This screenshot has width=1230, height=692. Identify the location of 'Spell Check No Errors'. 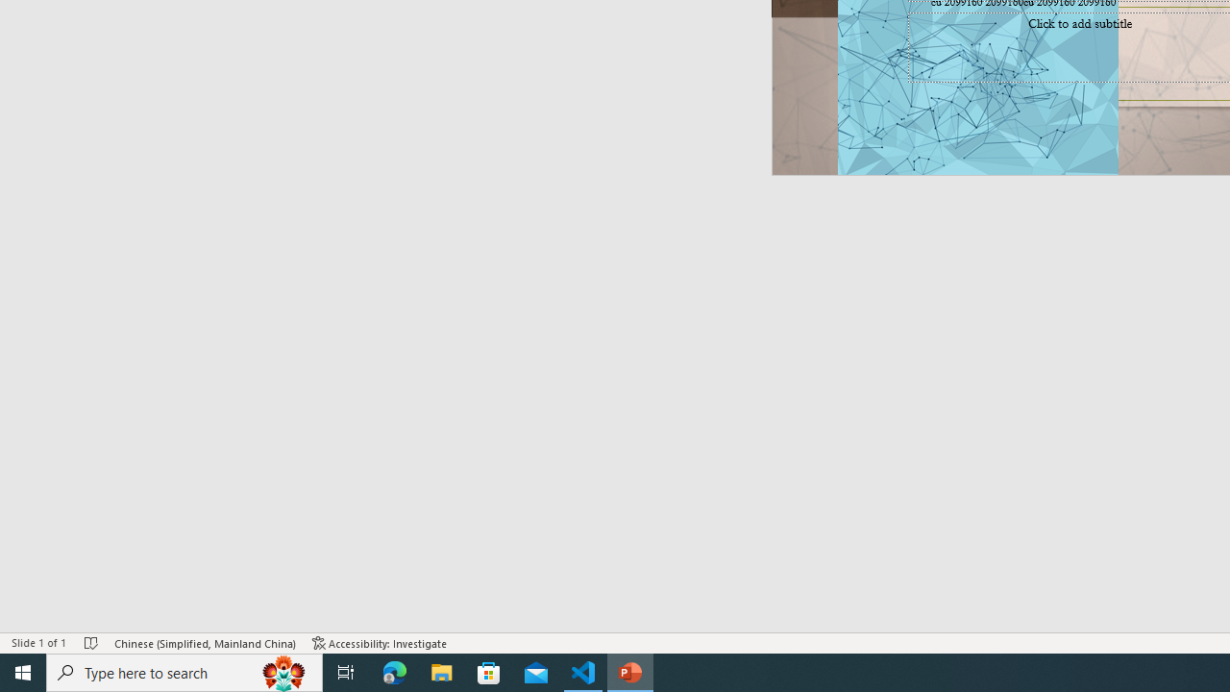
(91, 643).